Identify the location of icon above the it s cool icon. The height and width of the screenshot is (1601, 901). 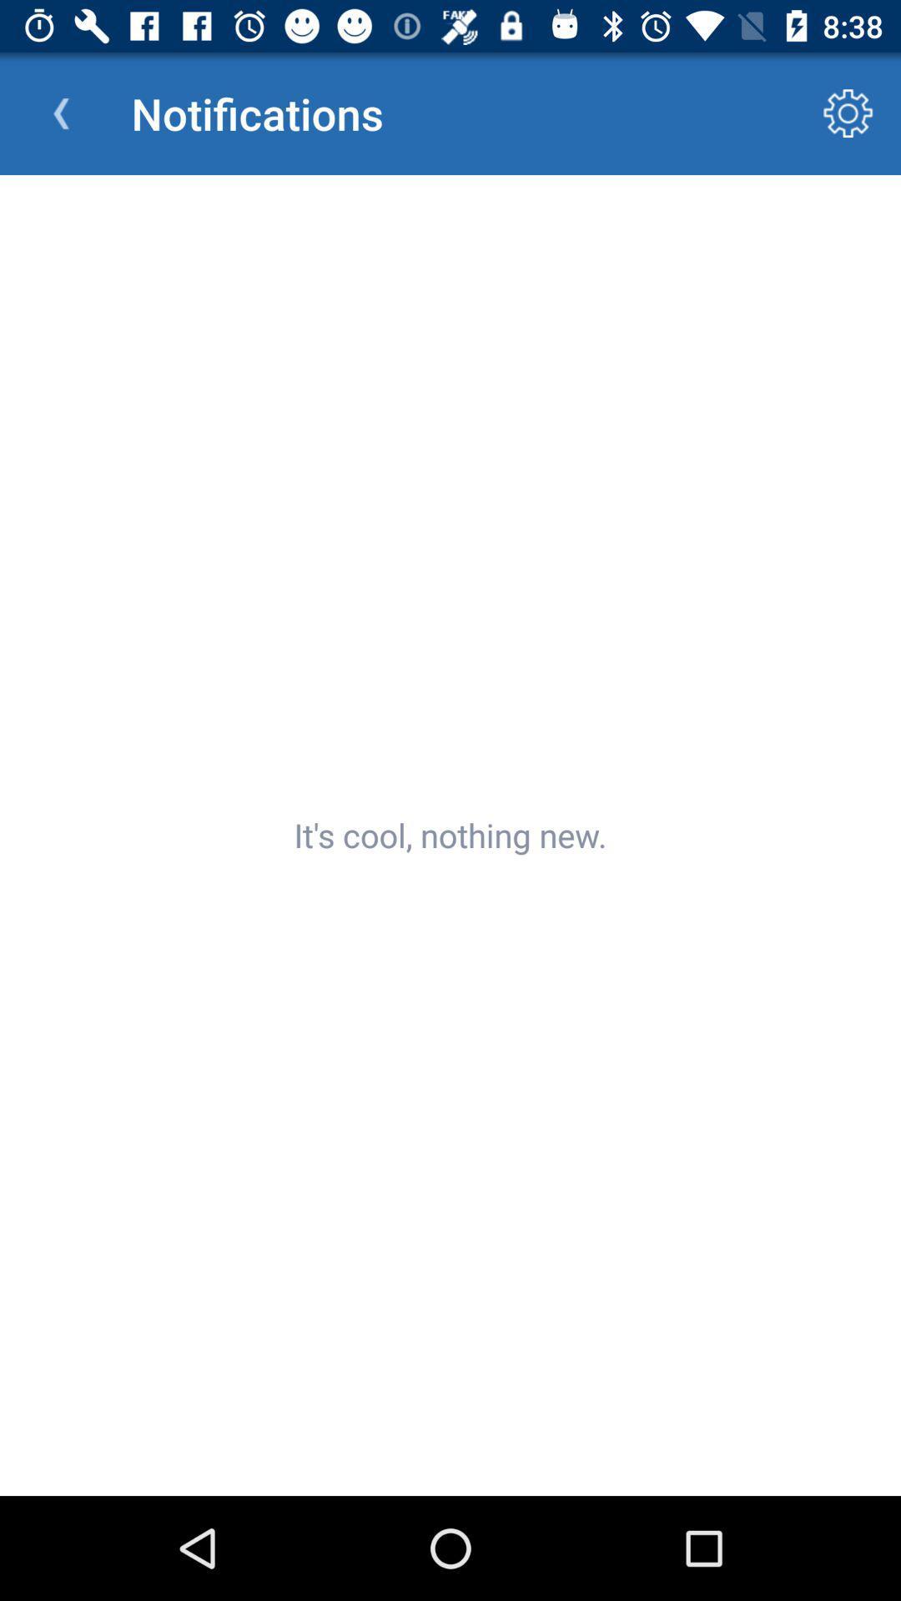
(848, 113).